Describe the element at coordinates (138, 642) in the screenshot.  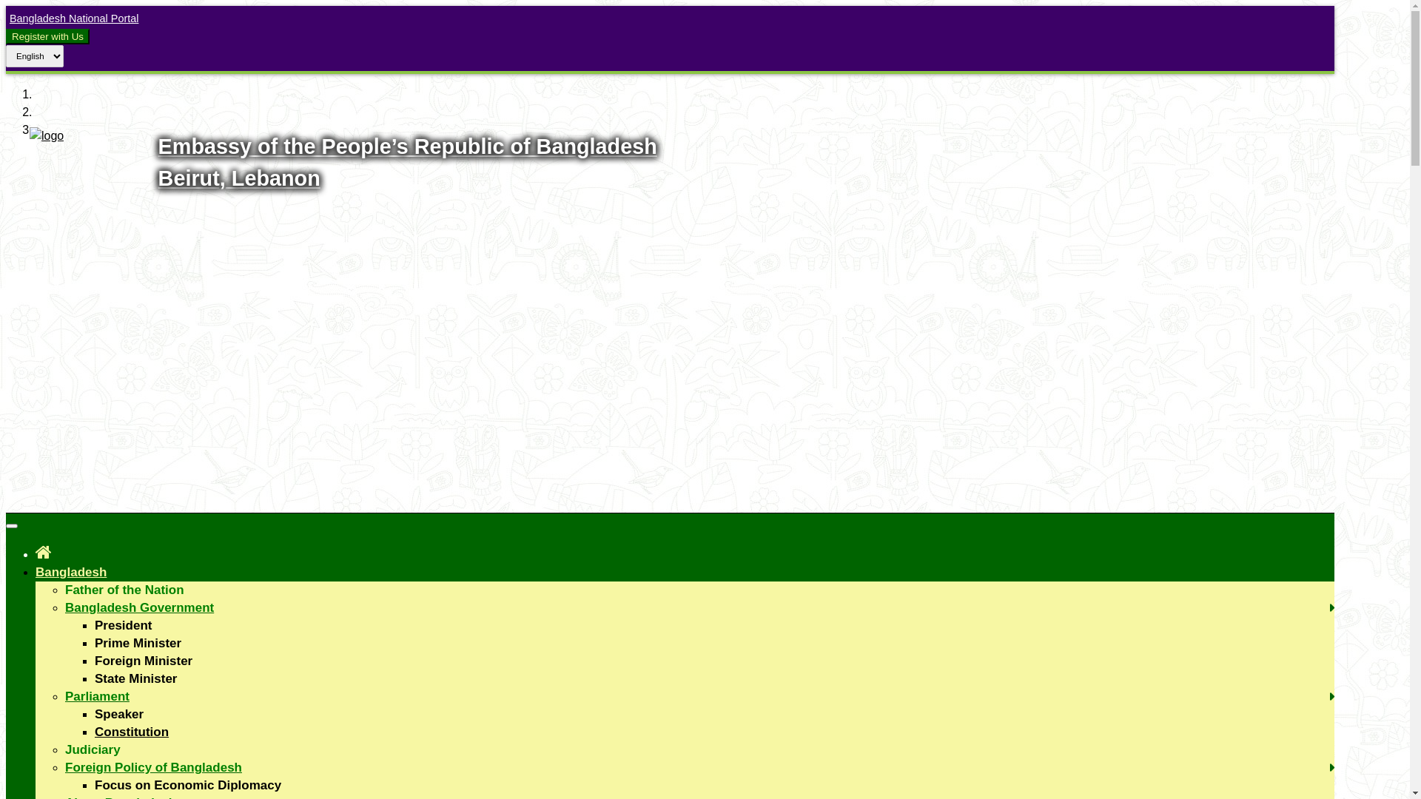
I see `'Prime Minister'` at that location.